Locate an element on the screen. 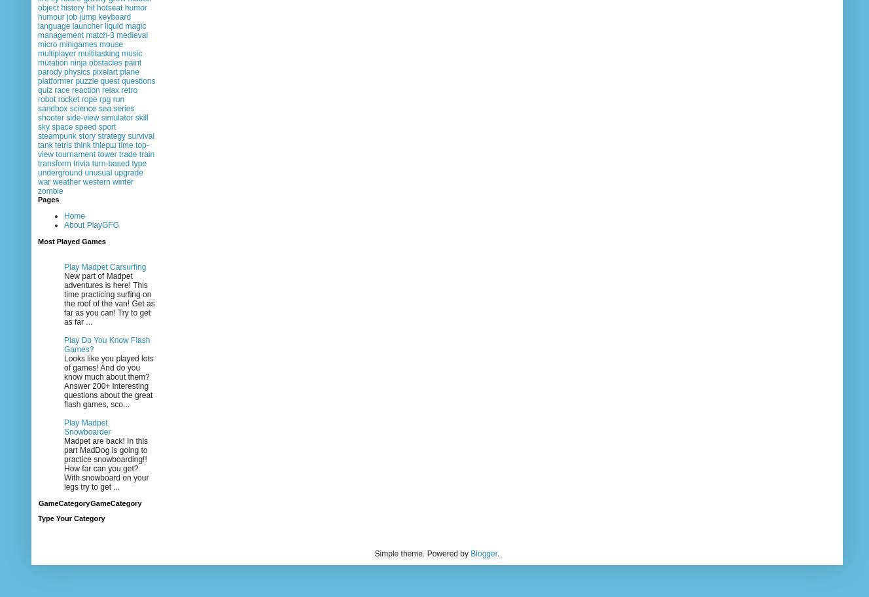 Image resolution: width=869 pixels, height=597 pixels. 'time' is located at coordinates (118, 144).